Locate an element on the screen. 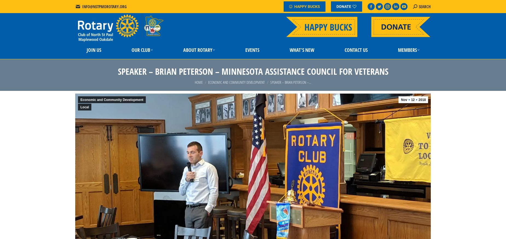 This screenshot has height=239, width=506. 'Rotary Grants' is located at coordinates (137, 90).